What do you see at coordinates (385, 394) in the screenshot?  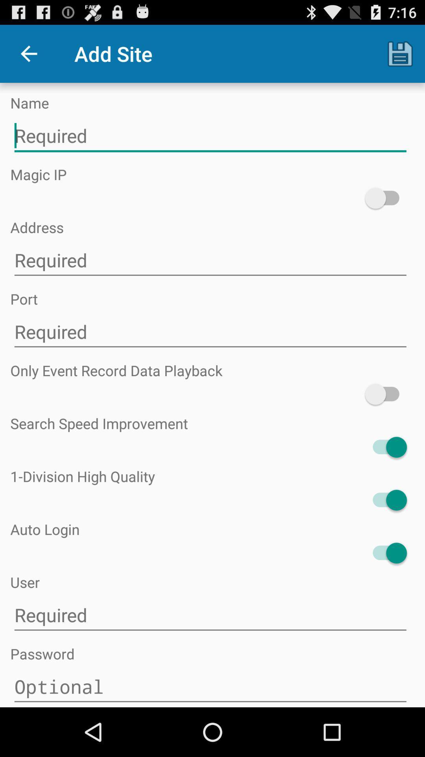 I see `turn on` at bounding box center [385, 394].